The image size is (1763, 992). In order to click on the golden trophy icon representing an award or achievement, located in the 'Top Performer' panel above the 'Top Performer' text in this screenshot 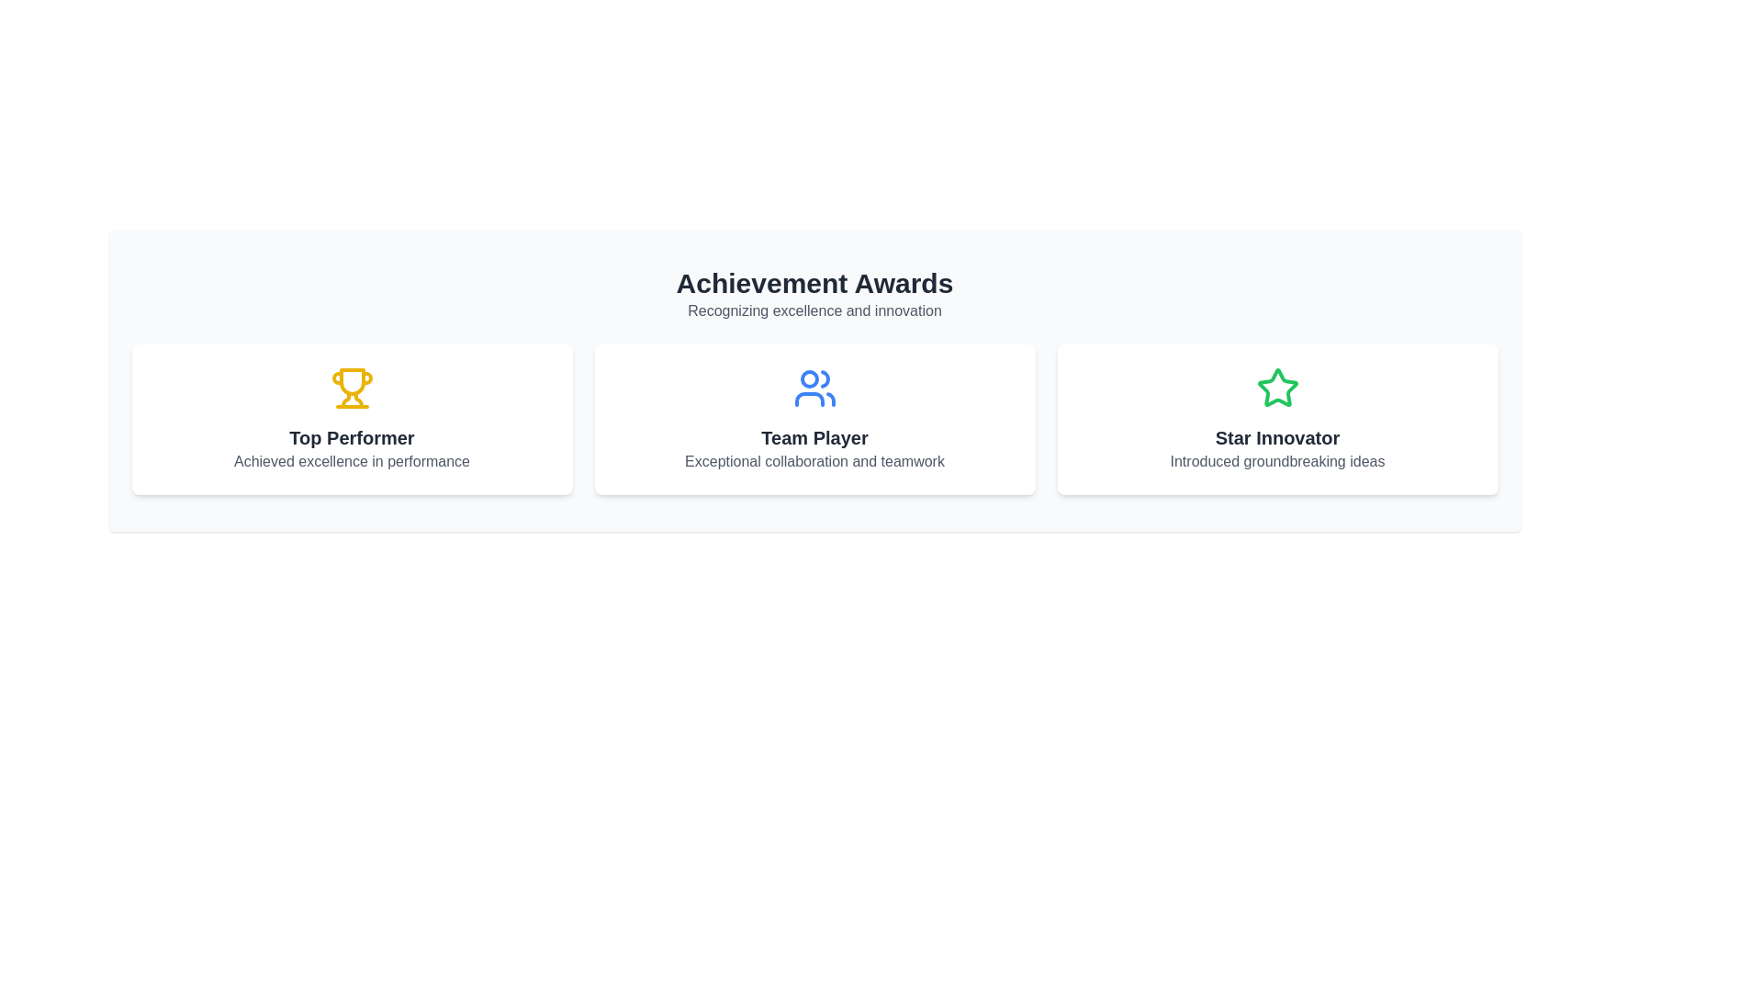, I will do `click(352, 388)`.